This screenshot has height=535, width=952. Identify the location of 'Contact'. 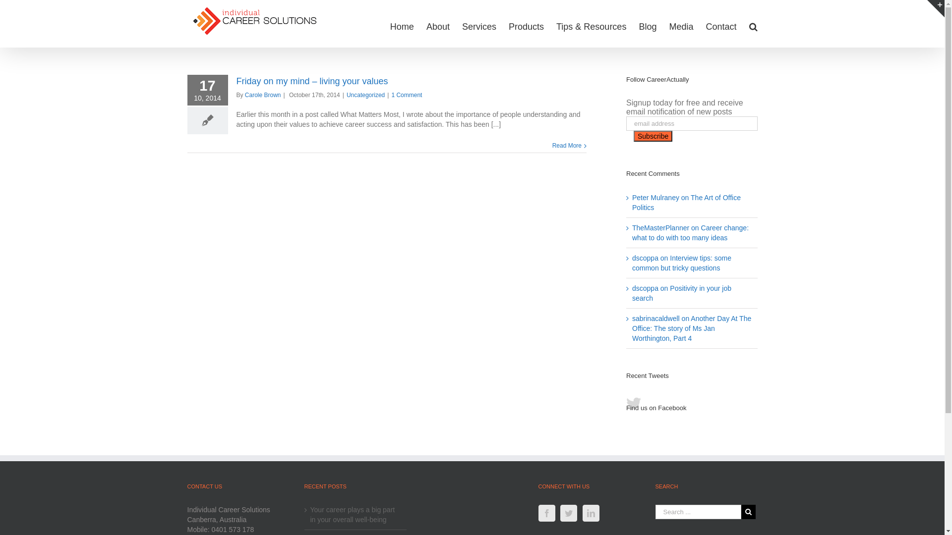
(721, 26).